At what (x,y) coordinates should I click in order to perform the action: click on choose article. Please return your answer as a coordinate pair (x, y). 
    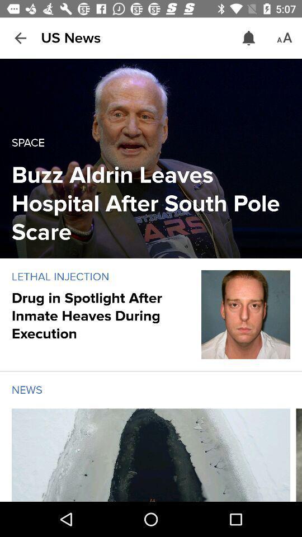
    Looking at the image, I should click on (151, 455).